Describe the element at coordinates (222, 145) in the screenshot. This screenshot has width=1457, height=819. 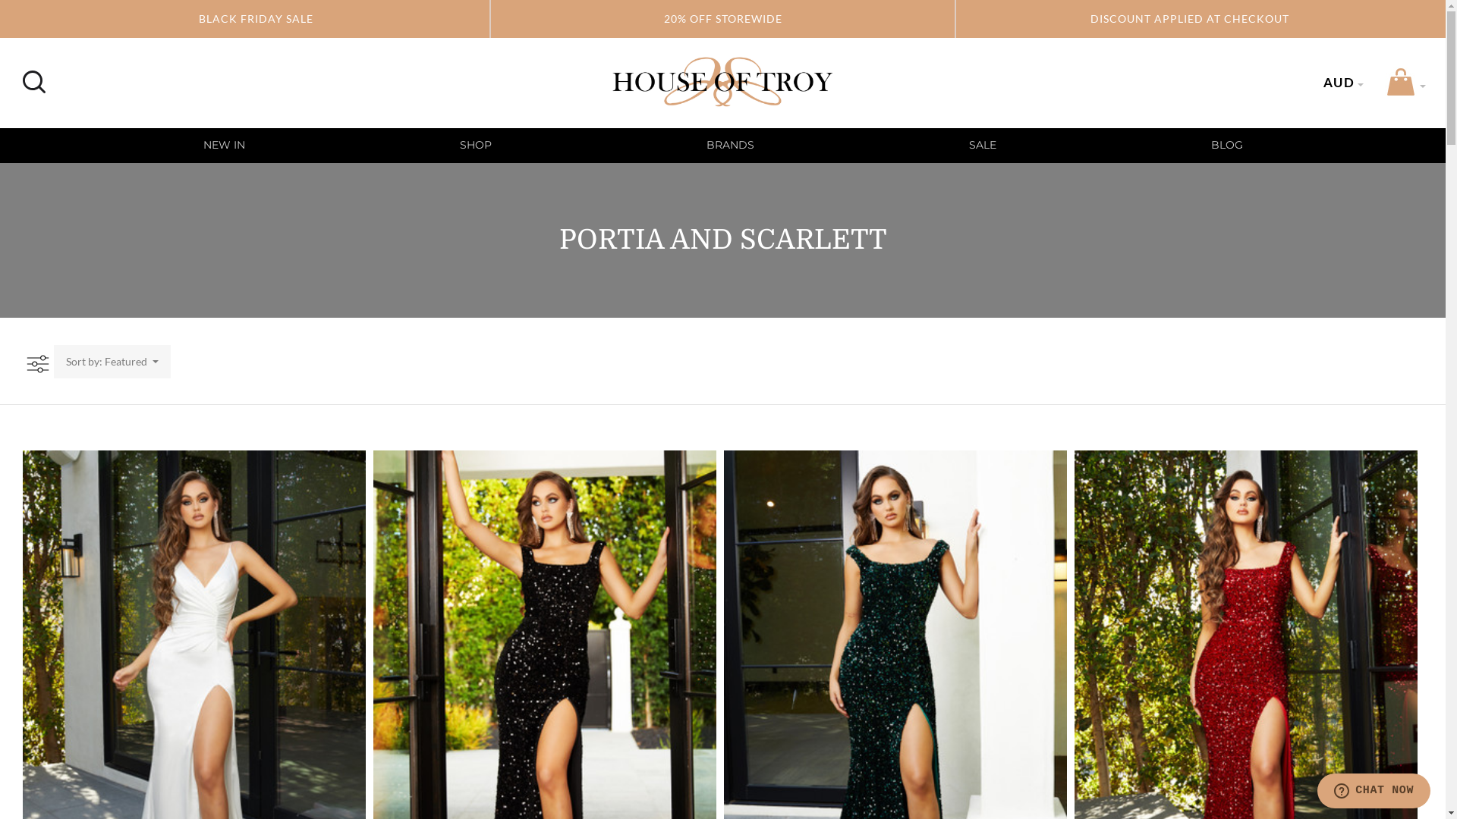
I see `'NEW IN'` at that location.